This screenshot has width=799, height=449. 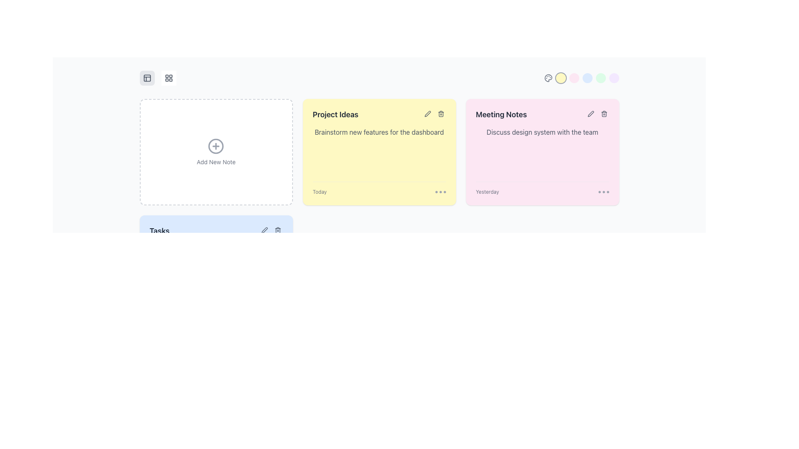 I want to click on the delete button with an icon located within the 'Meeting Notes' card, so click(x=604, y=113).